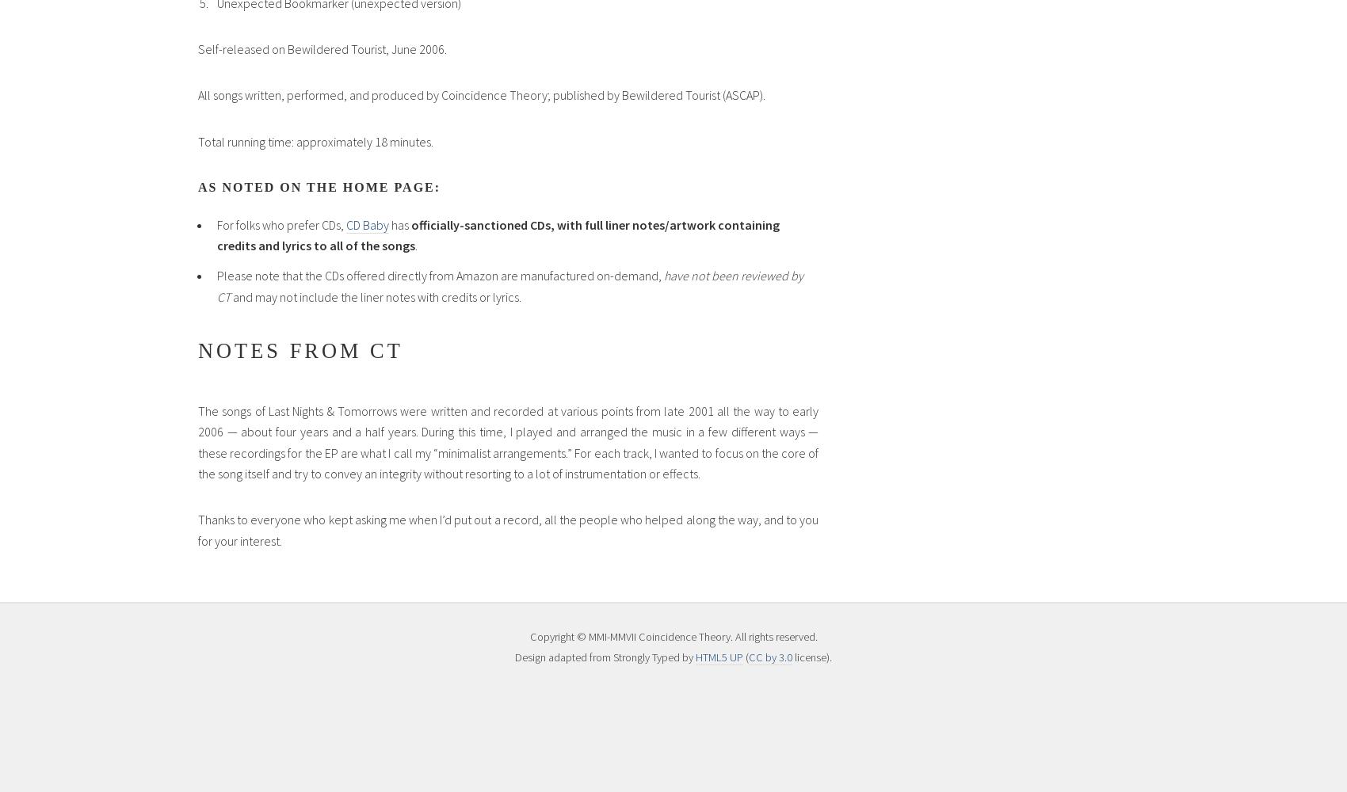 Image resolution: width=1347 pixels, height=792 pixels. Describe the element at coordinates (508, 442) in the screenshot. I see `'were written and recorded at various points from late 2001 all the way to early 2006 — about four years and a half years.  During this time, I played and arranged the music in a few different ways — these recordings for the EP are what I call my “minimalist arrangements.” For each track, I wanted to focus on the core of the song itself and try to convey an integrity without resorting to a lot of instrumentation or effects.'` at that location.